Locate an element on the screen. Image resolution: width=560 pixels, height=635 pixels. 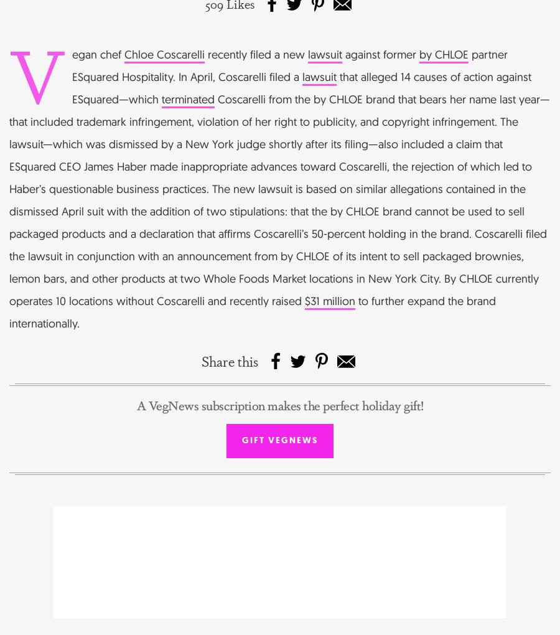
'Share this' is located at coordinates (230, 360).